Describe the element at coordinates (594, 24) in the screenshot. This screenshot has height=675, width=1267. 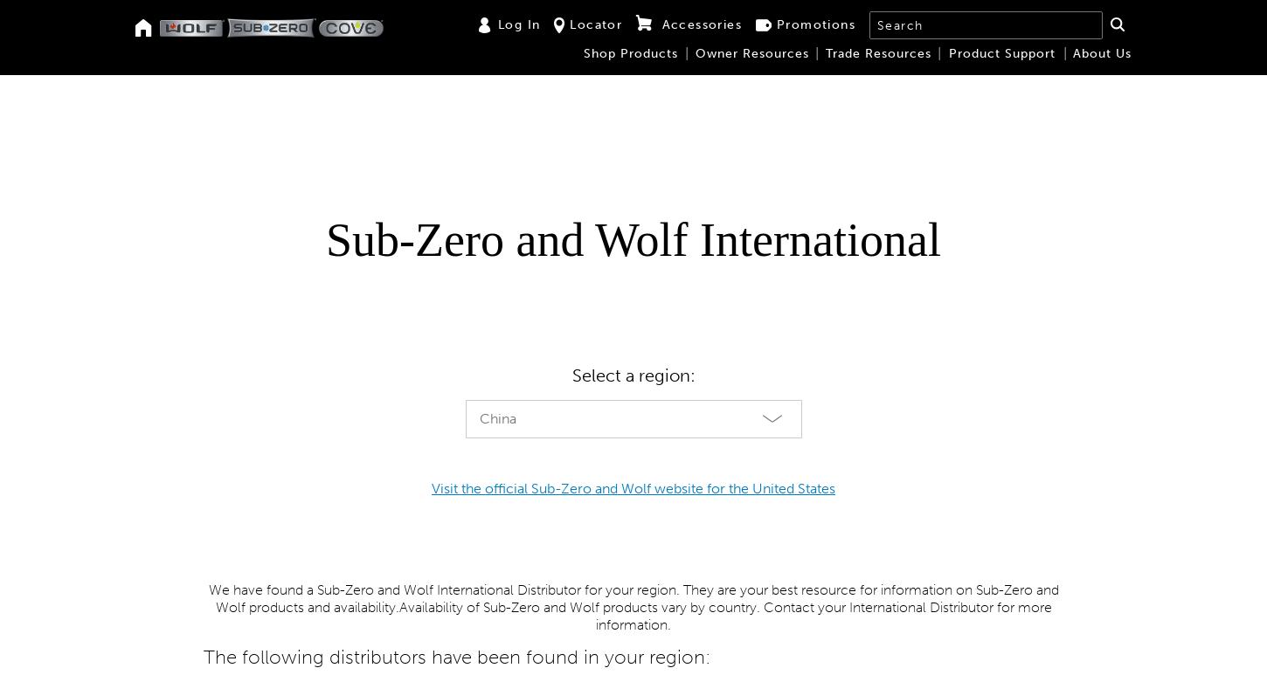
I see `'Locator'` at that location.